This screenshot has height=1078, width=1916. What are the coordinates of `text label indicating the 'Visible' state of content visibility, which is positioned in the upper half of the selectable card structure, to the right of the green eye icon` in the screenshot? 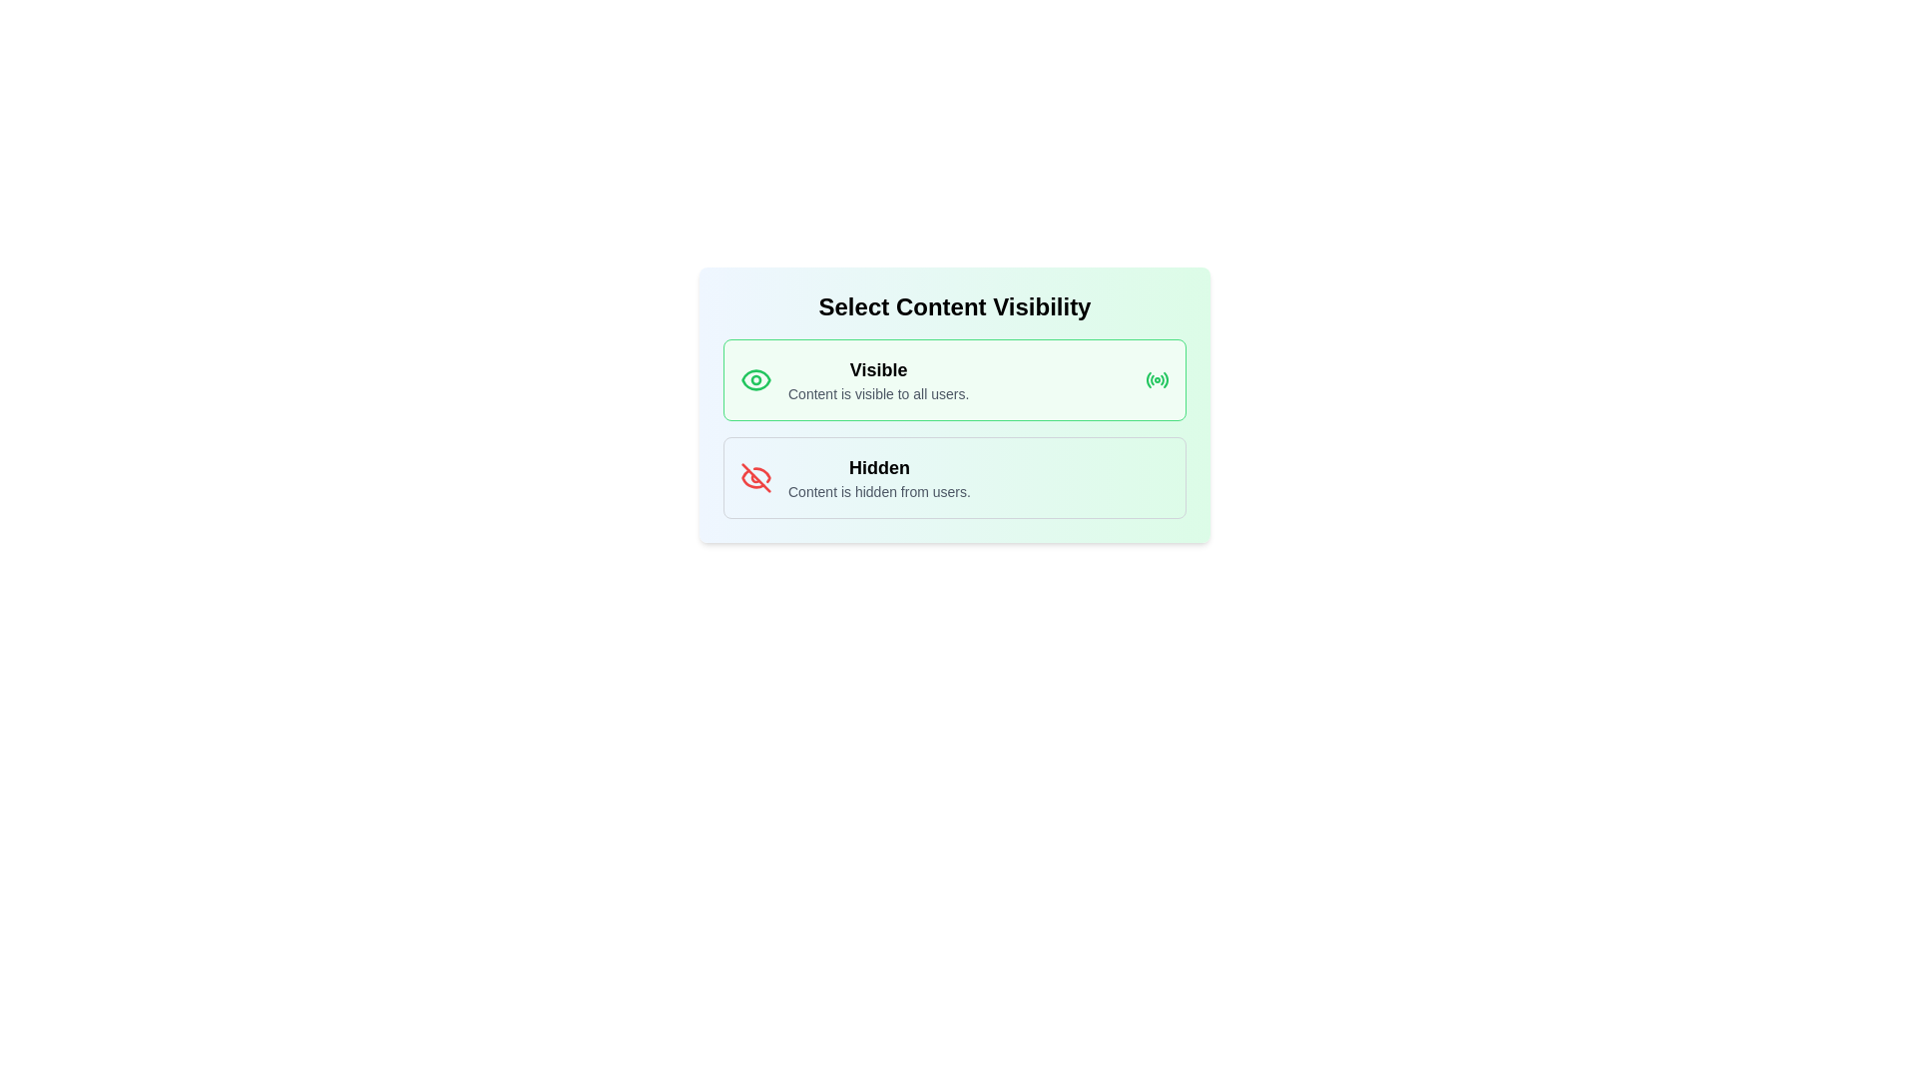 It's located at (878, 380).